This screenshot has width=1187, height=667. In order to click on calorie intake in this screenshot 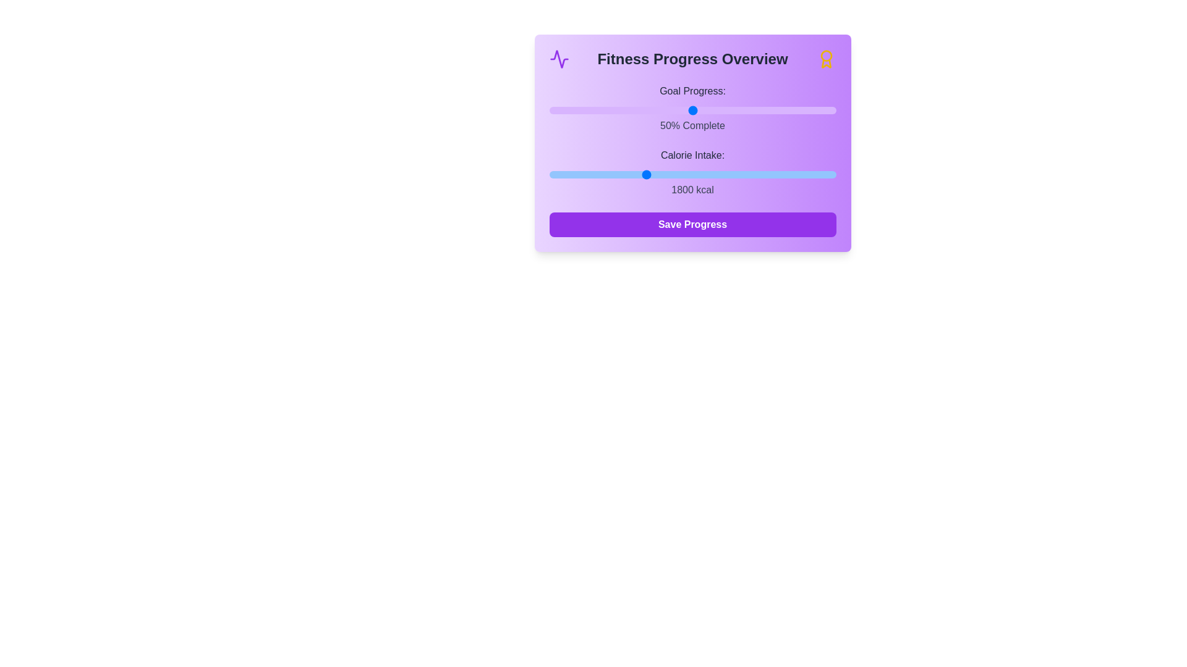, I will do `click(548, 174)`.